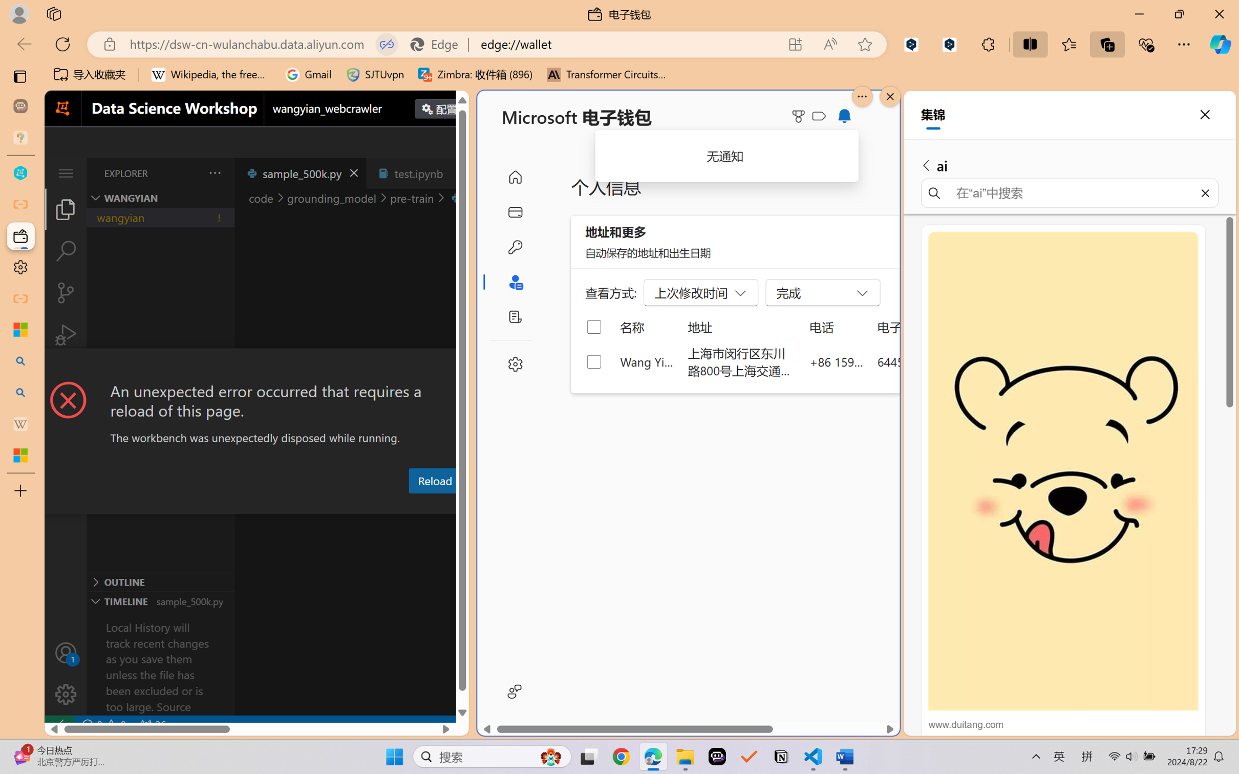  Describe the element at coordinates (494, 505) in the screenshot. I see `'Terminal (Ctrl+`)'` at that location.